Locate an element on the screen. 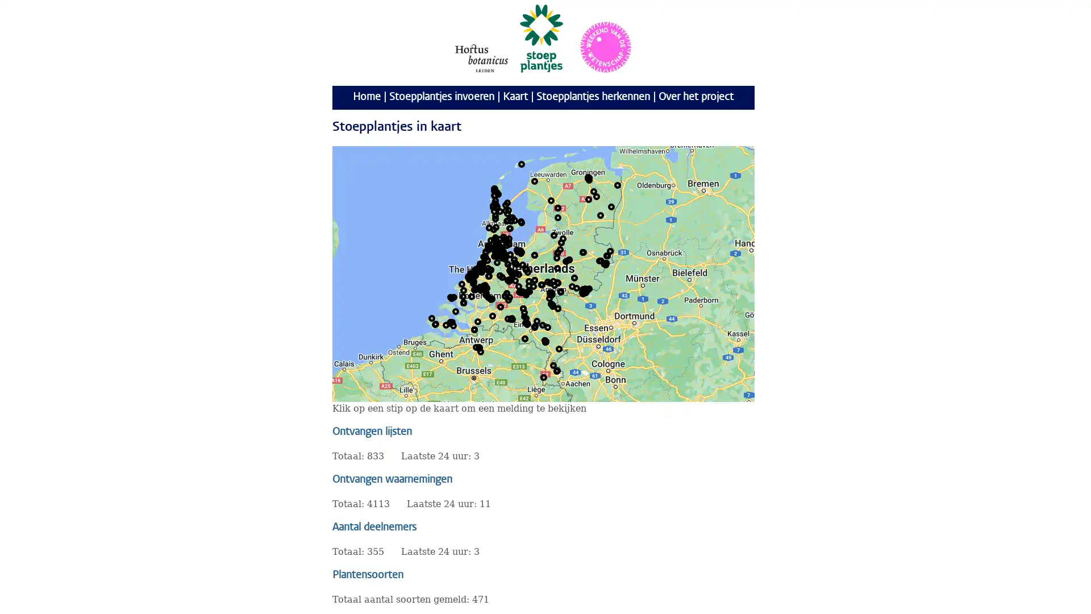  Telling van Judith op 27 mei 2022 is located at coordinates (449, 322).